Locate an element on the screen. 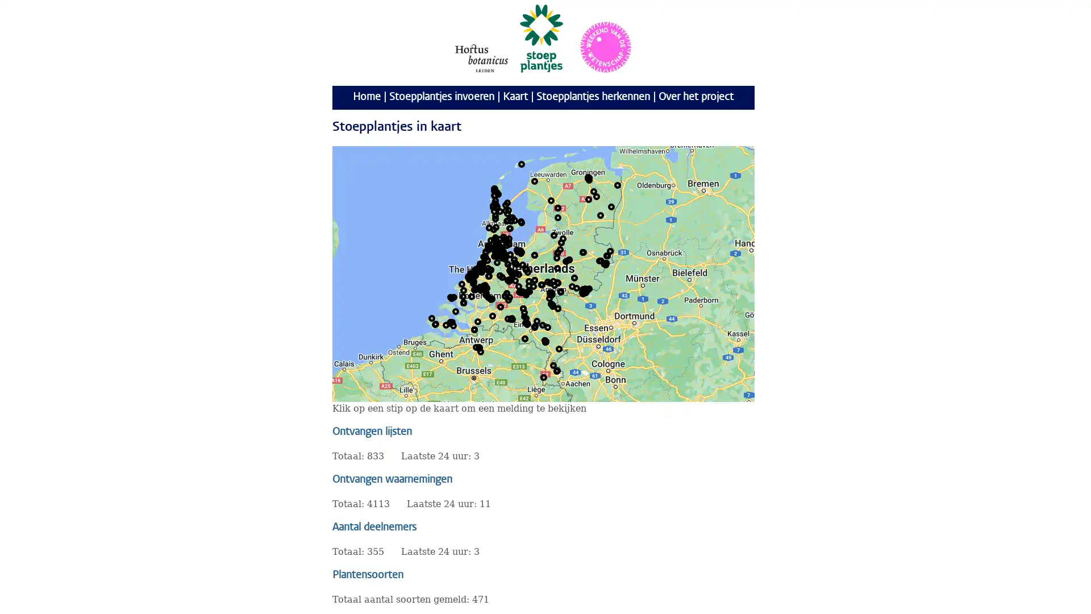  Telling van Judith op 27 mei 2022 is located at coordinates (449, 322).